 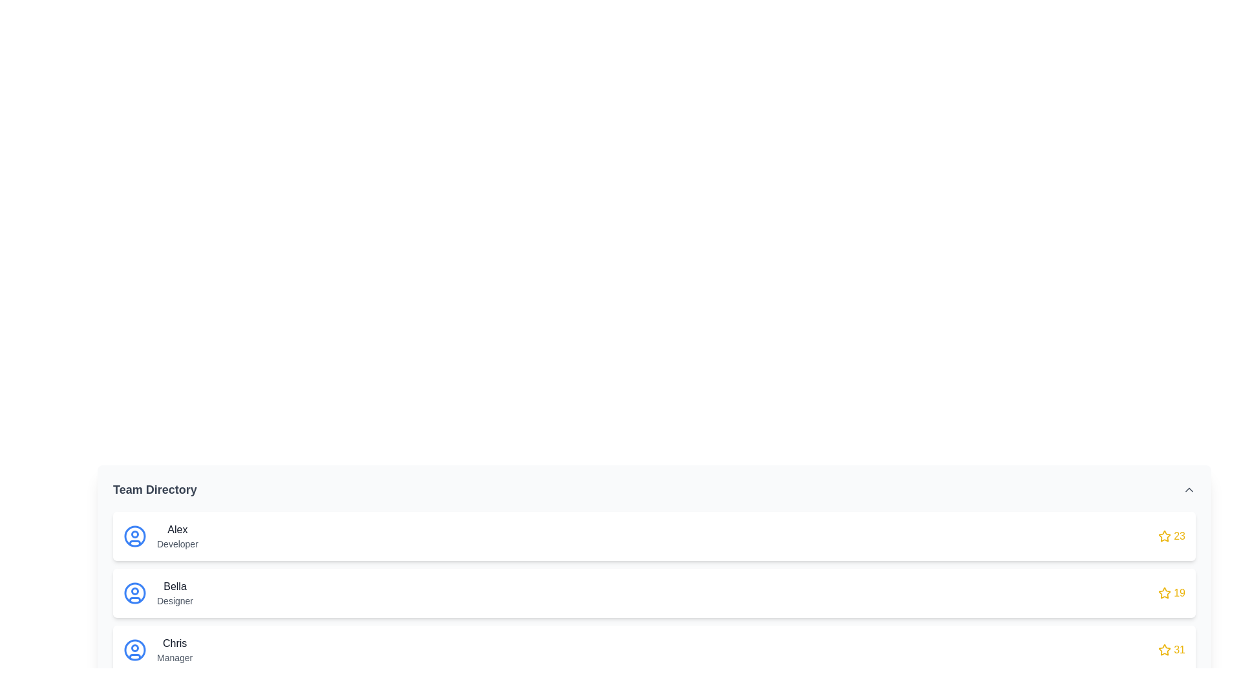 I want to click on the Profile Card element containing the user silhouette icon and the text 'Chris' and 'Manager', which is the third item in the 'Team Directory' list, so click(x=157, y=650).